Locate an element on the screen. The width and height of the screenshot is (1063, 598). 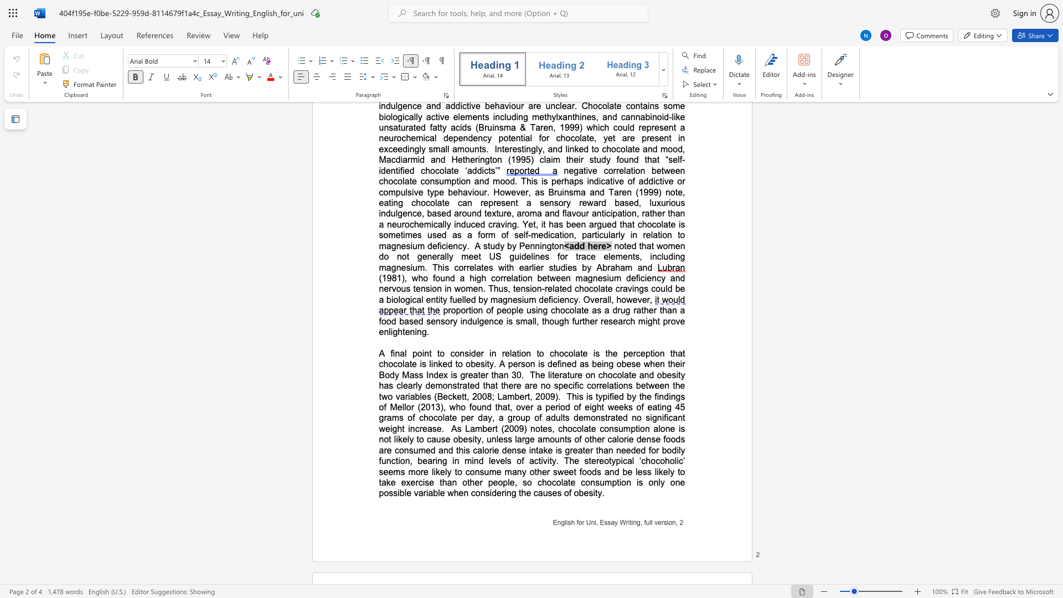
the subset text "int" within the text "A final point" is located at coordinates (421, 353).